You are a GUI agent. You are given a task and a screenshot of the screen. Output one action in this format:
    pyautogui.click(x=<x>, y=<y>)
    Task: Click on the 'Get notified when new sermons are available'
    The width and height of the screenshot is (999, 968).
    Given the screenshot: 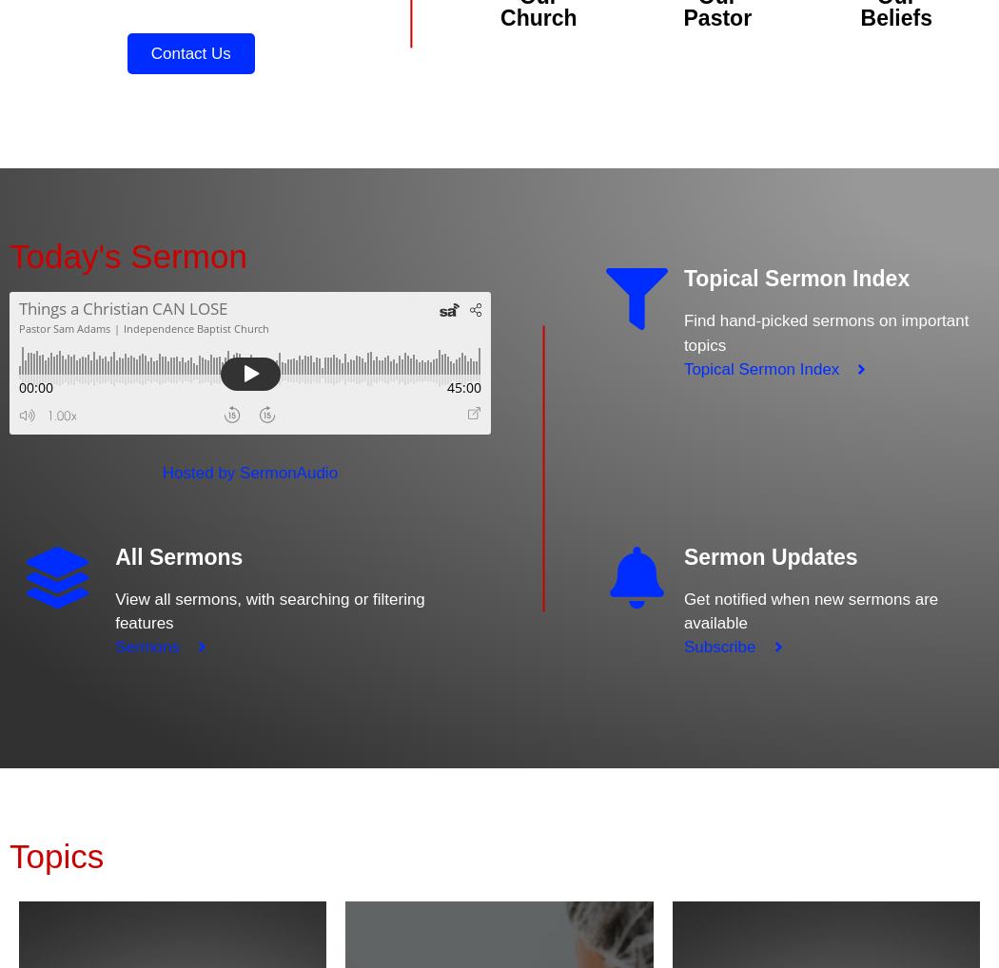 What is the action you would take?
    pyautogui.click(x=810, y=610)
    